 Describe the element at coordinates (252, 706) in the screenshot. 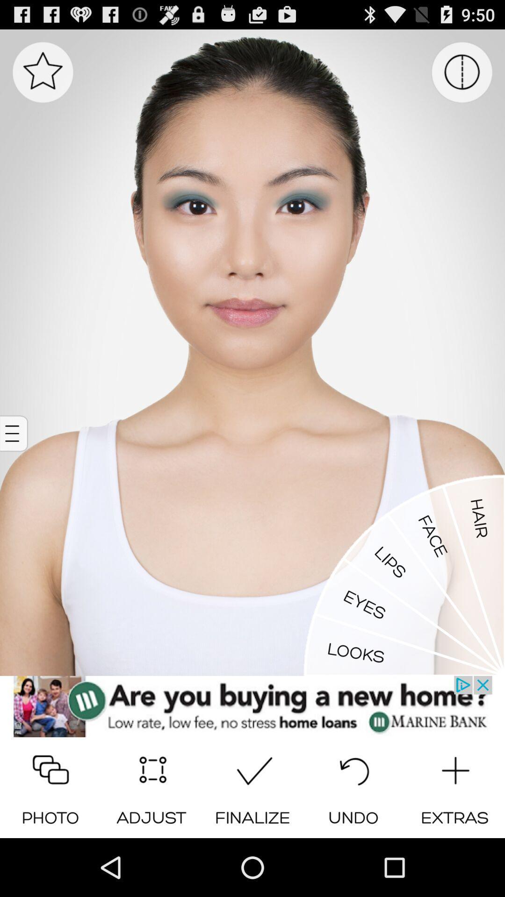

I see `the addvertisement` at that location.